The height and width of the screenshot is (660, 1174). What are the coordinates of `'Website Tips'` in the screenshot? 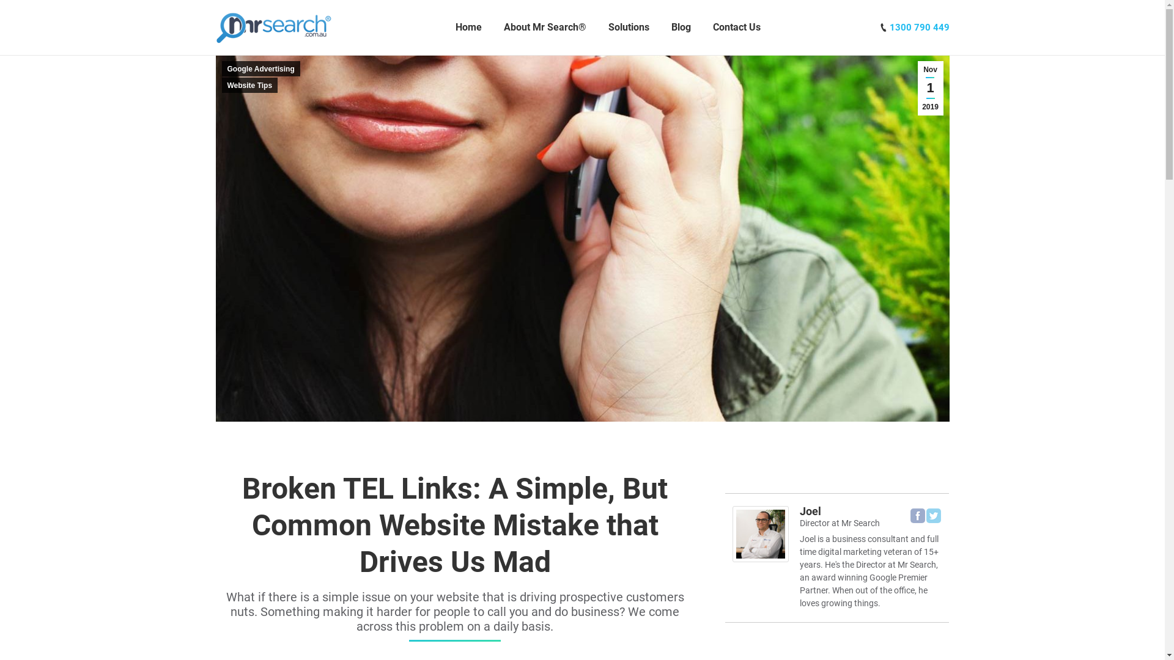 It's located at (249, 84).